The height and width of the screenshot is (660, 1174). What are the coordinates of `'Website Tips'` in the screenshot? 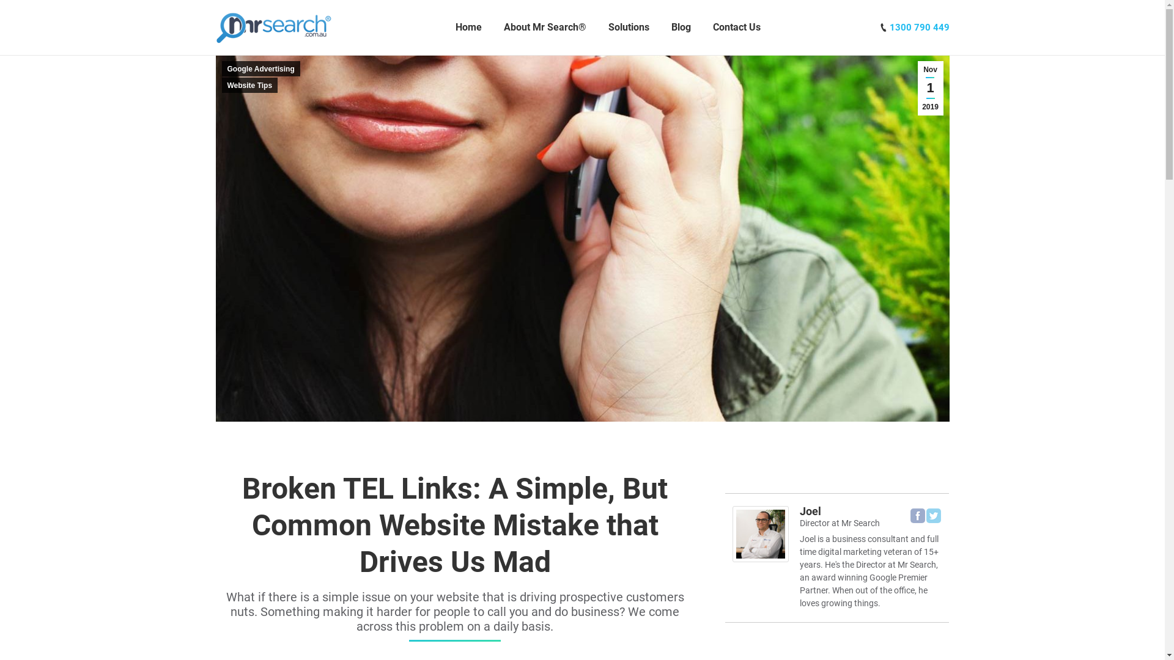 It's located at (249, 84).